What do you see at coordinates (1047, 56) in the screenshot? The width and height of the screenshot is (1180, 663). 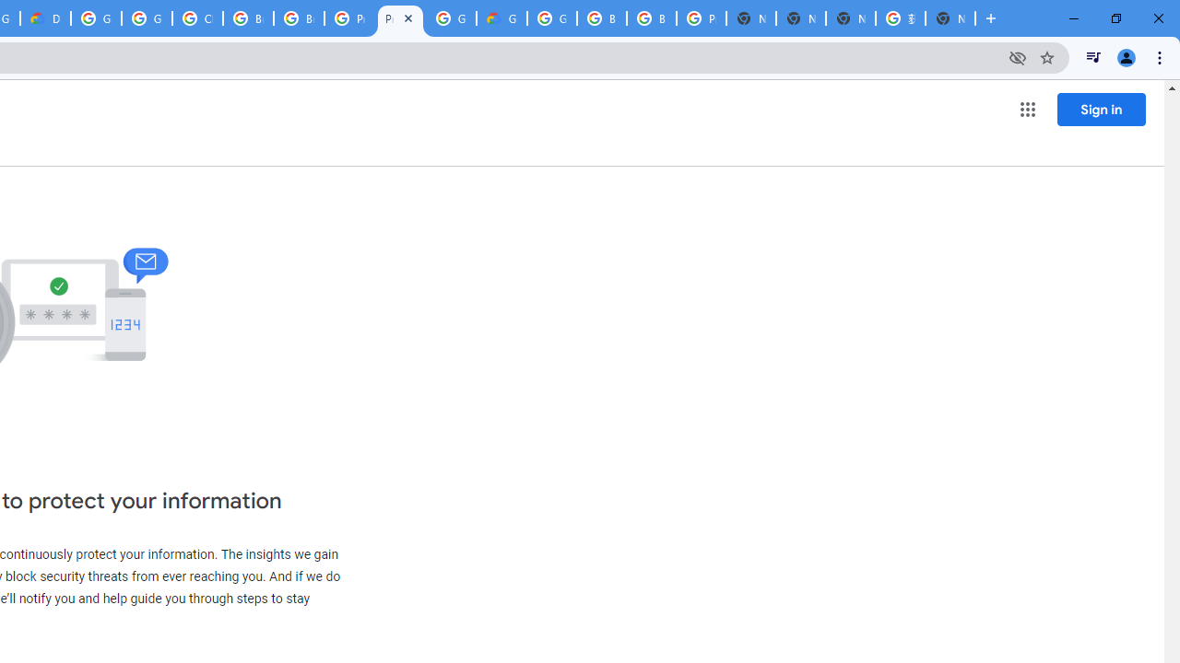 I see `'Bookmark this tab'` at bounding box center [1047, 56].